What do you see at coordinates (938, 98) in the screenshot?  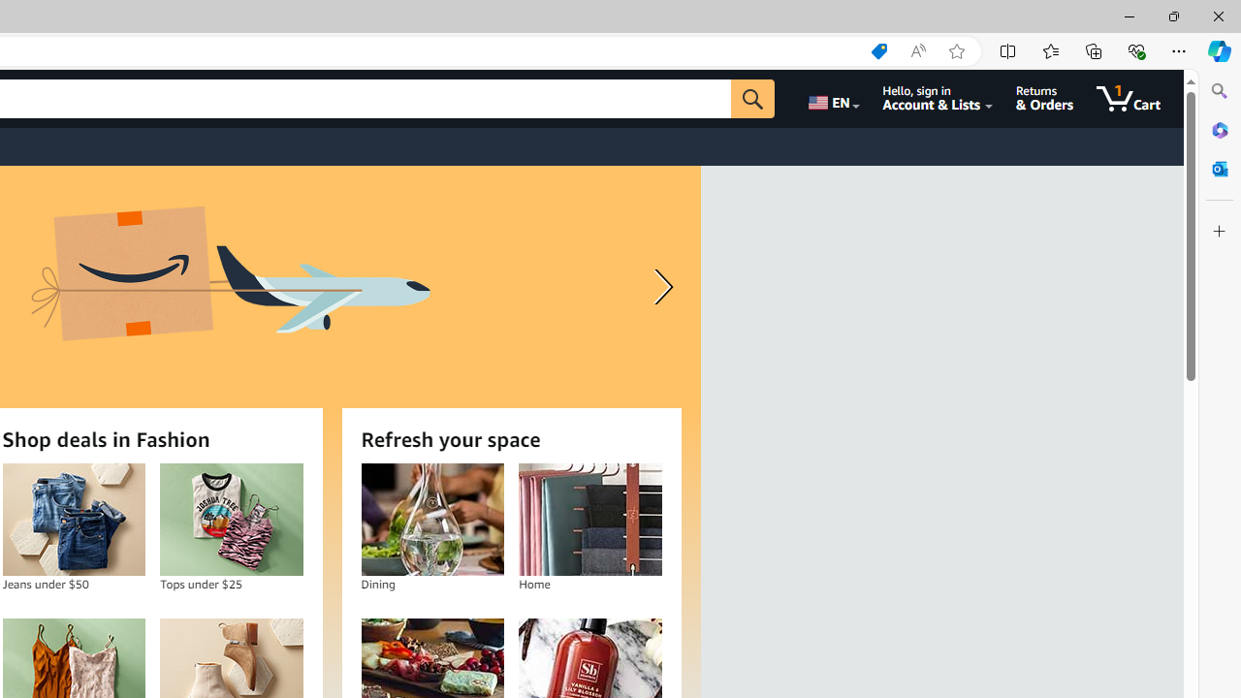 I see `'Hello, sign in Account & Lists'` at bounding box center [938, 98].